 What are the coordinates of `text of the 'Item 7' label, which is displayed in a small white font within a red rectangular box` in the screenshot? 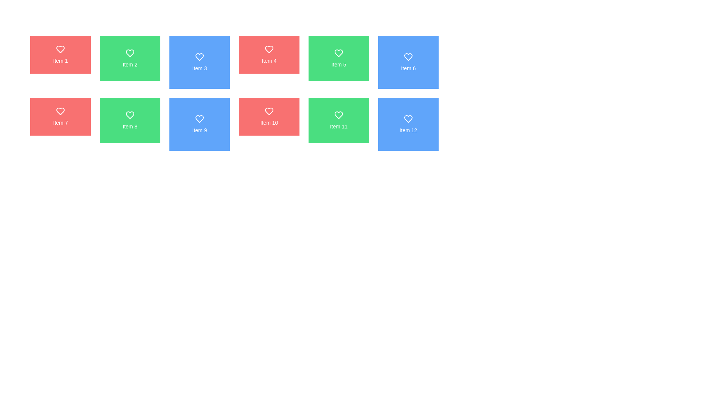 It's located at (60, 122).